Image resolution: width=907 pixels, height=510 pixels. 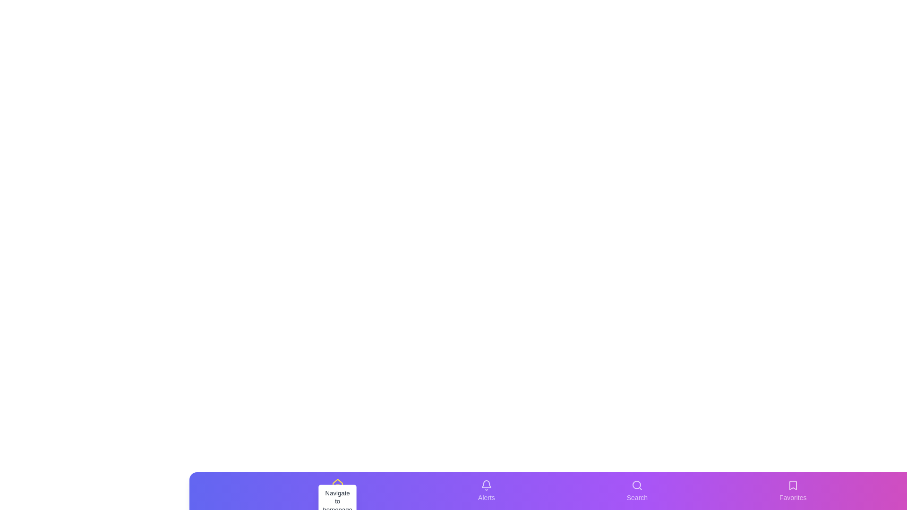 I want to click on the tab labeled Search to view its description, so click(x=637, y=491).